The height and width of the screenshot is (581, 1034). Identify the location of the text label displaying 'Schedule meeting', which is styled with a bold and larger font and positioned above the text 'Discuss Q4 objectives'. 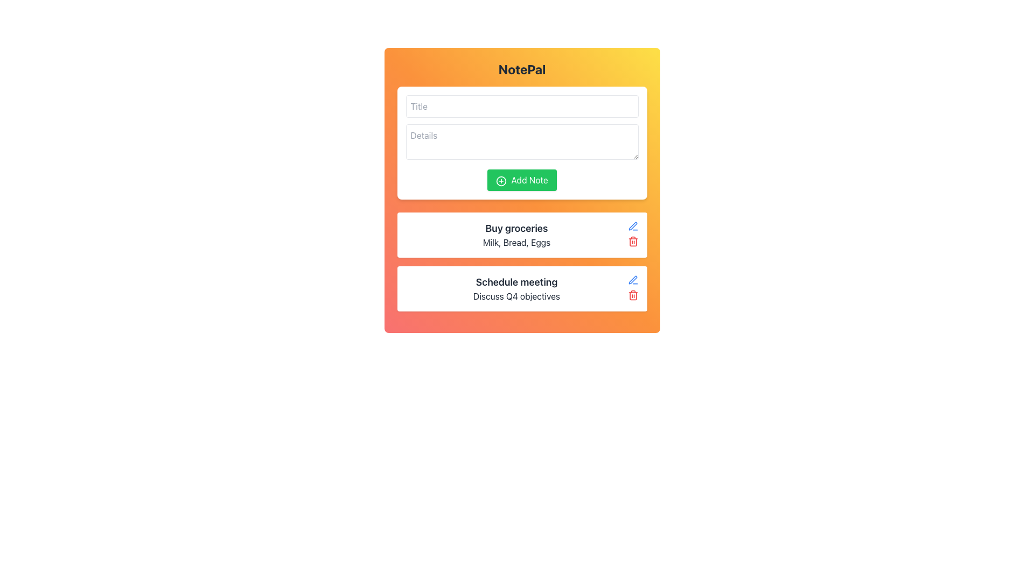
(516, 281).